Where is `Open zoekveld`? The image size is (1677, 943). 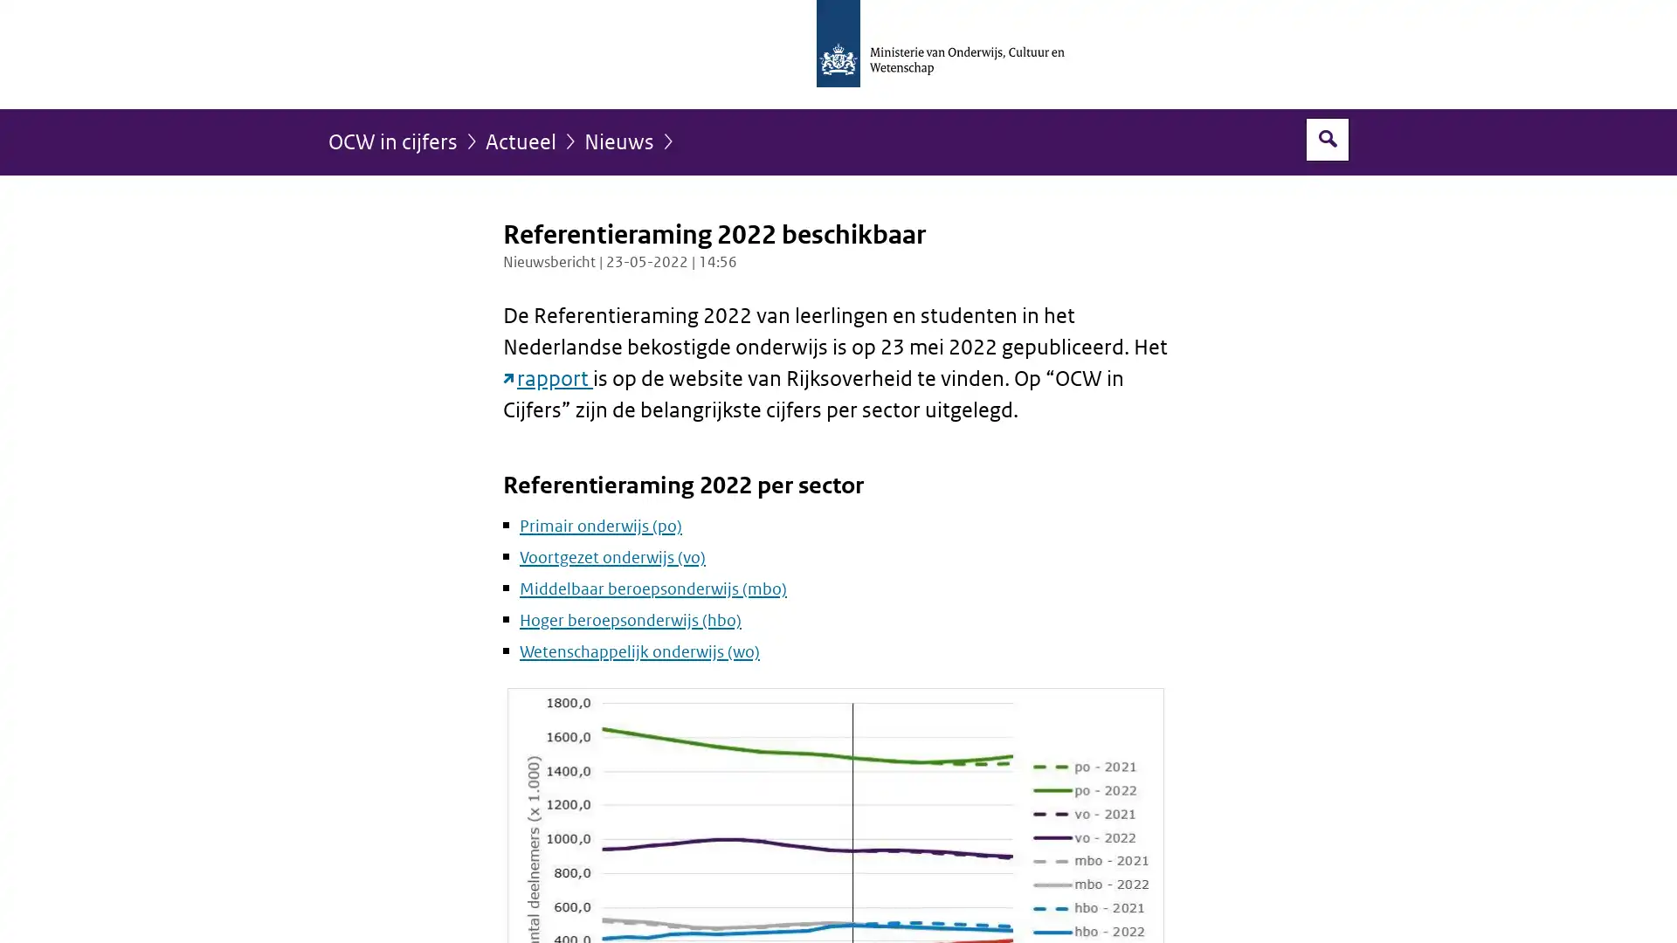
Open zoekveld is located at coordinates (1328, 138).